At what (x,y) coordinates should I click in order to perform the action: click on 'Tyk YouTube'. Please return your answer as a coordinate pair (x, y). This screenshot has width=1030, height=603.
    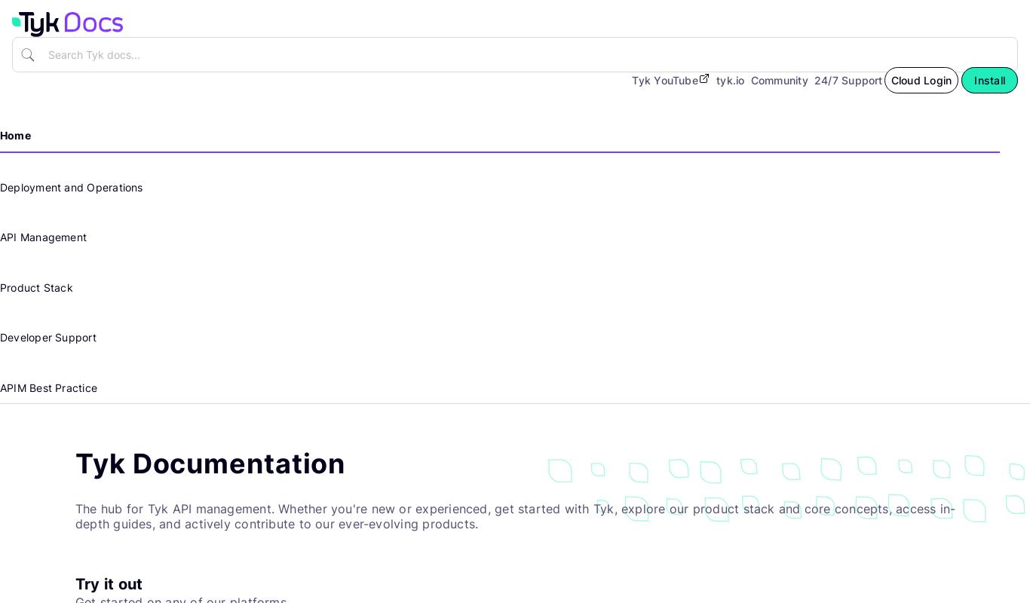
    Looking at the image, I should click on (664, 78).